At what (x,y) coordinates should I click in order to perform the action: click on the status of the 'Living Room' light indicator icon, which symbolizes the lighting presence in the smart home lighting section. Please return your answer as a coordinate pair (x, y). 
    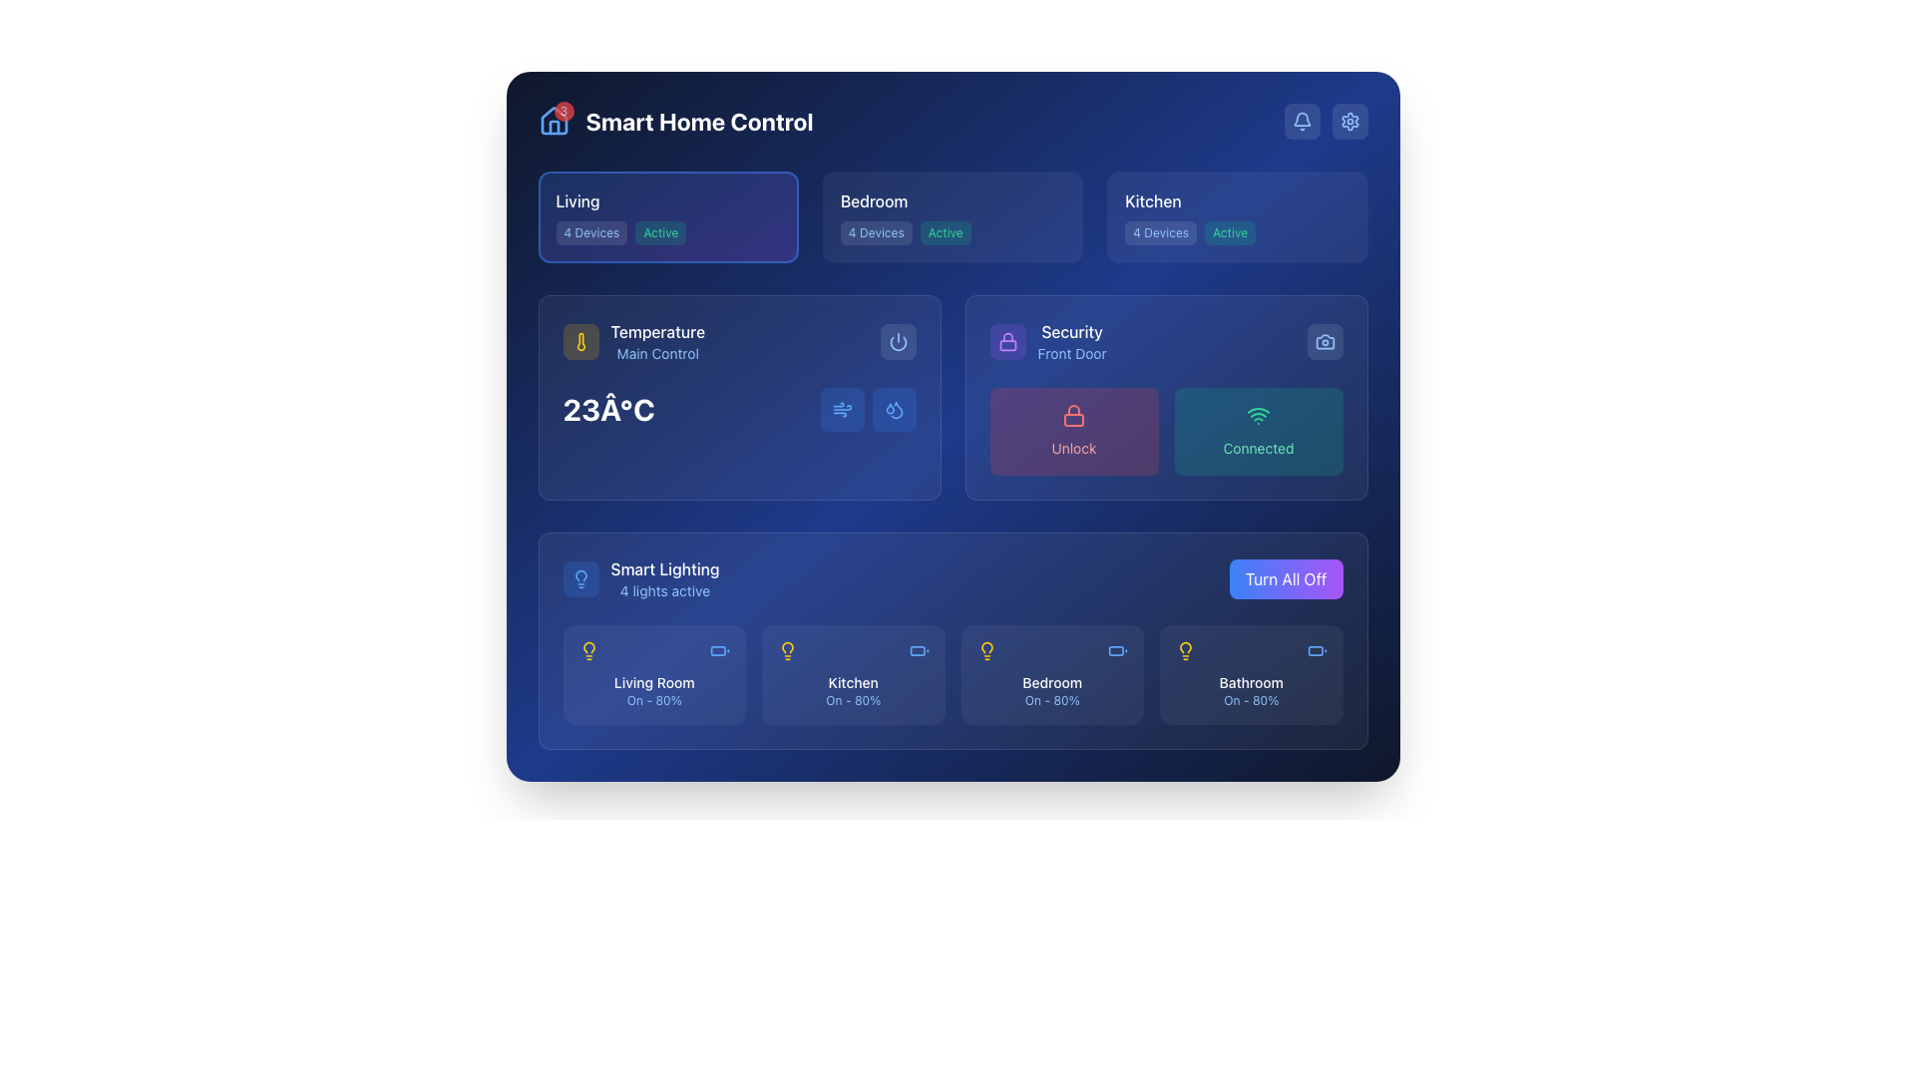
    Looking at the image, I should click on (587, 647).